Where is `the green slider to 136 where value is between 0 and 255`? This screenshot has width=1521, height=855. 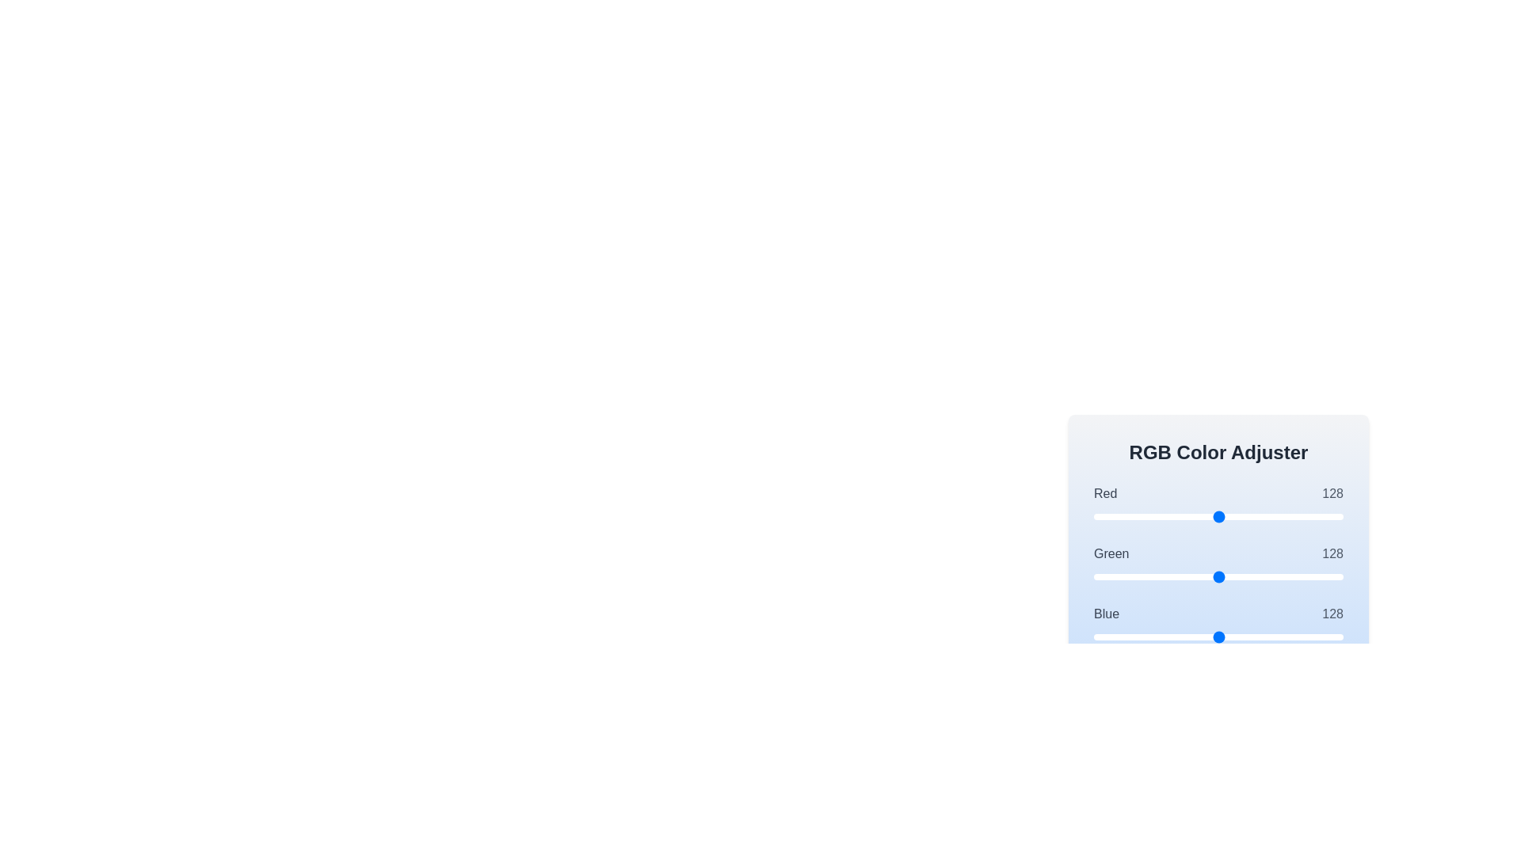
the green slider to 136 where value is between 0 and 255 is located at coordinates (1226, 577).